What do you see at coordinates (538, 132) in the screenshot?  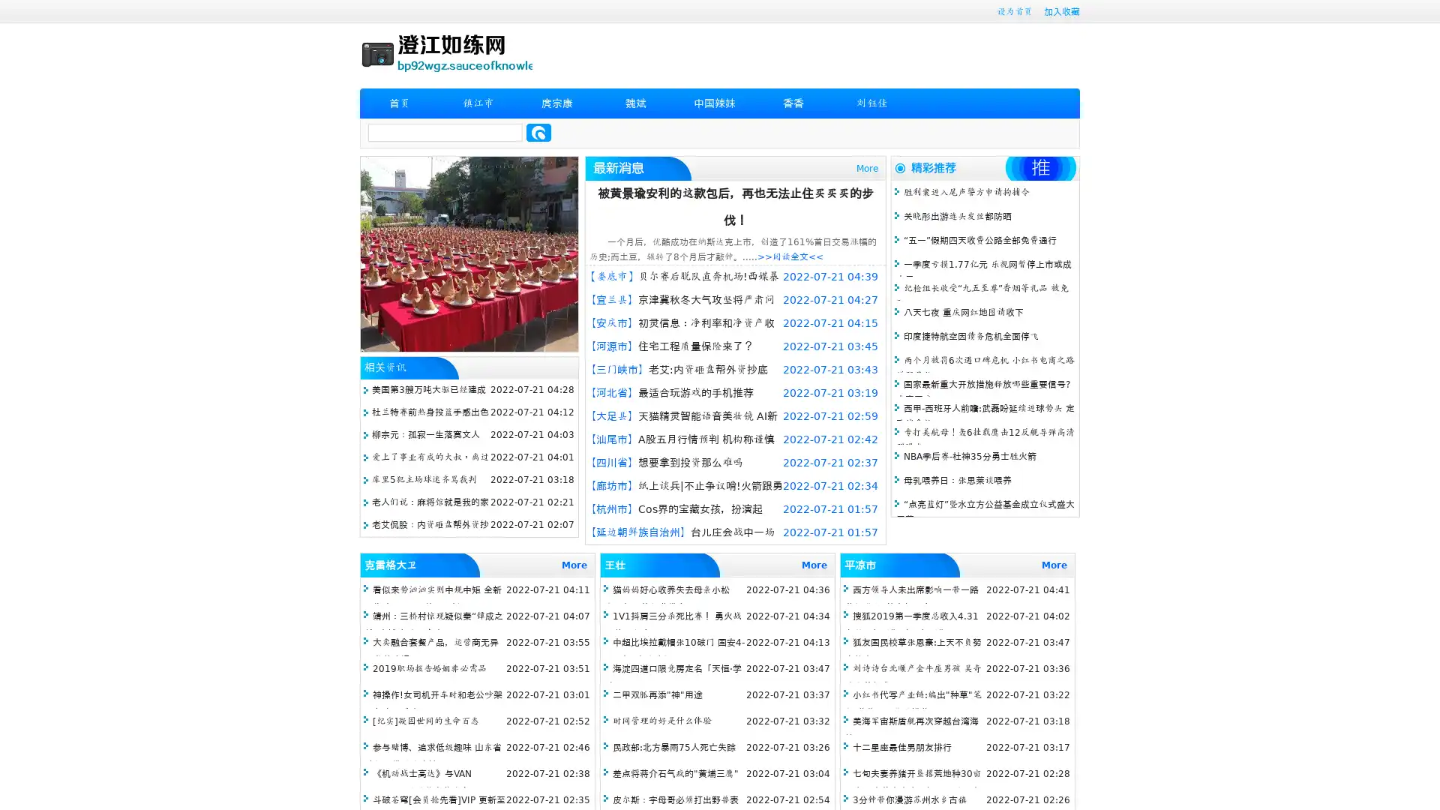 I see `Search` at bounding box center [538, 132].